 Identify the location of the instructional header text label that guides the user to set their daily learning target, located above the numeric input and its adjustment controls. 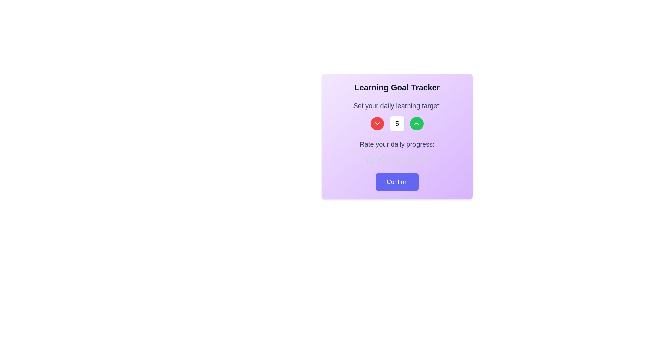
(397, 105).